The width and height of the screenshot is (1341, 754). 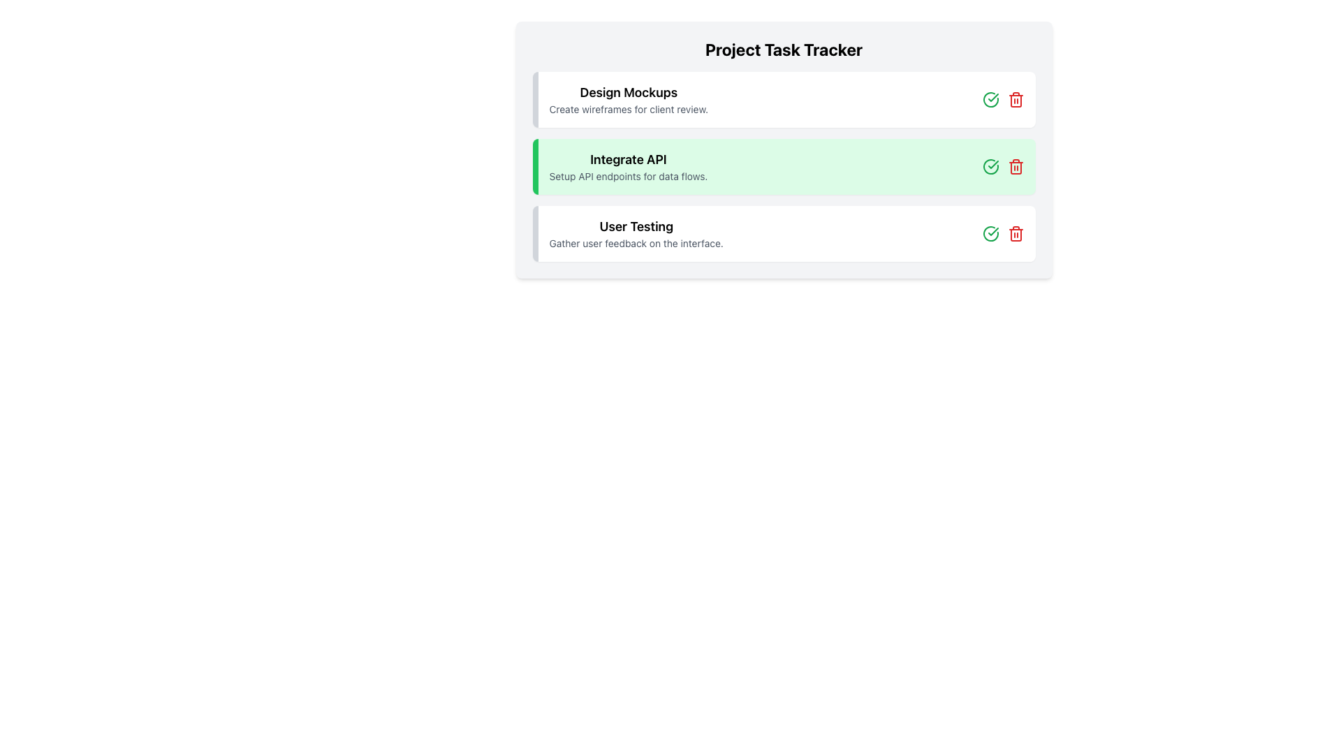 What do you see at coordinates (992, 230) in the screenshot?
I see `the checkmark icon styled in a thin, rounded-line SVG format, located in the right section of the task labeled 'Integrate API', near the green background area indicating task completion` at bounding box center [992, 230].